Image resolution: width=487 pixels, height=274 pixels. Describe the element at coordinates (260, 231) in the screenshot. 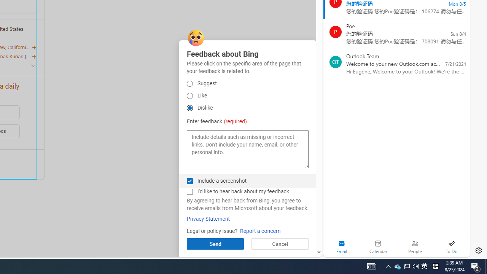

I see `'Report a concern'` at that location.